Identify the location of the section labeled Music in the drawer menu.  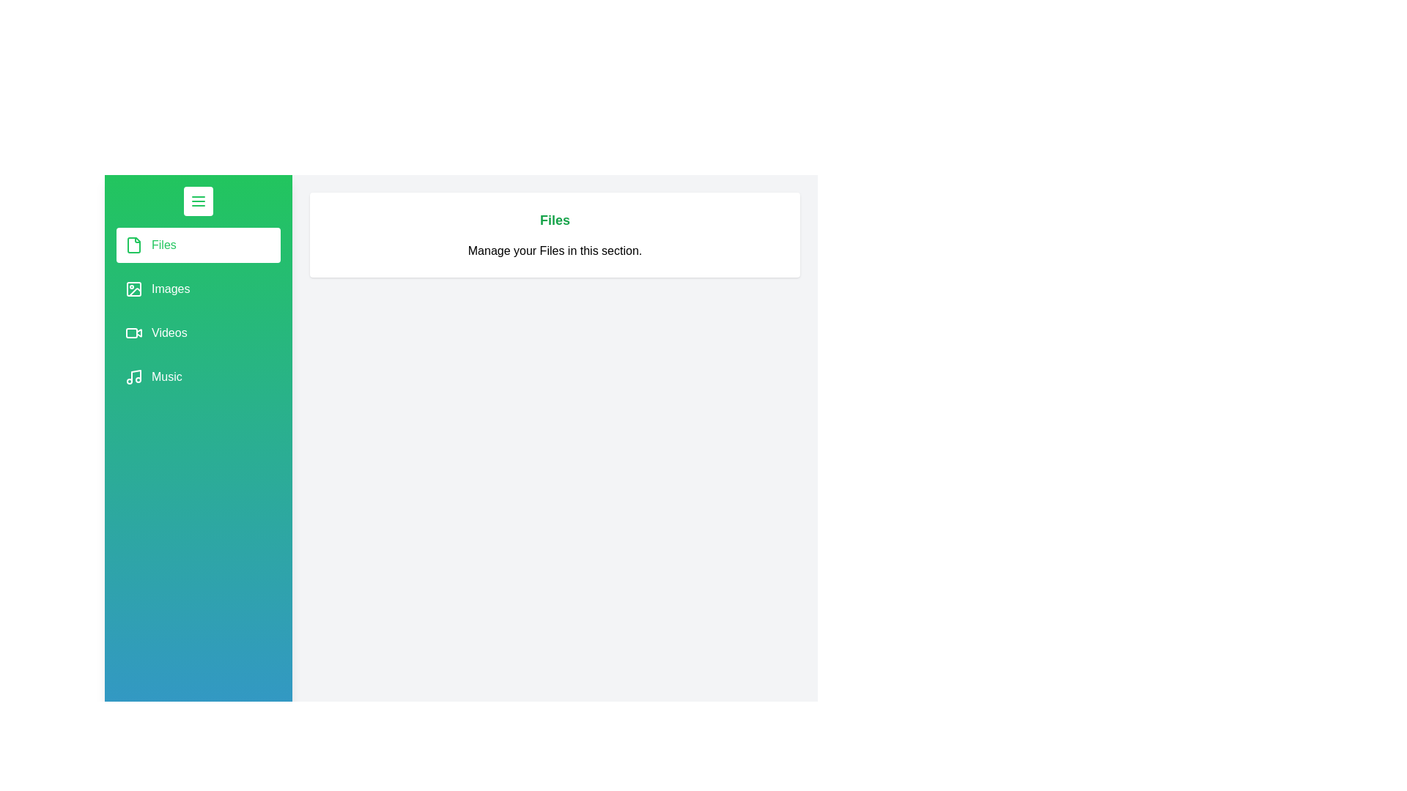
(197, 376).